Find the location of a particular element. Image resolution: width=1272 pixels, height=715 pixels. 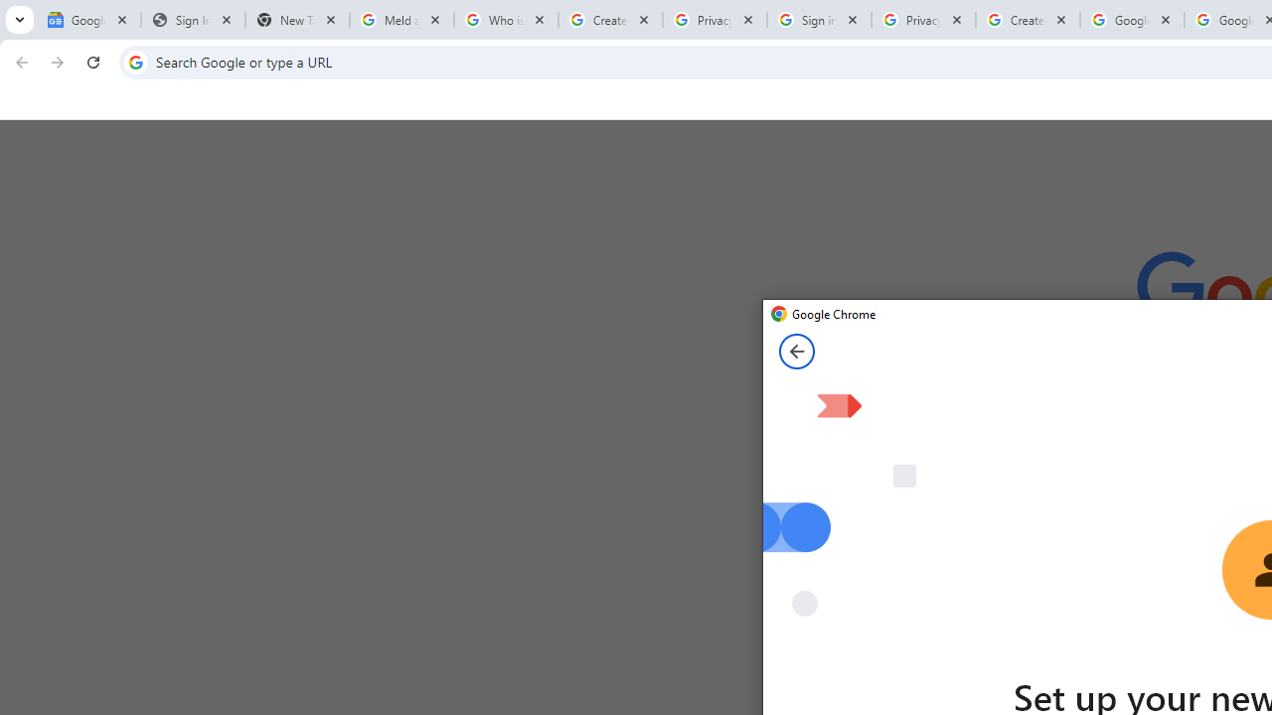

'Sign In - USA TODAY' is located at coordinates (193, 20).